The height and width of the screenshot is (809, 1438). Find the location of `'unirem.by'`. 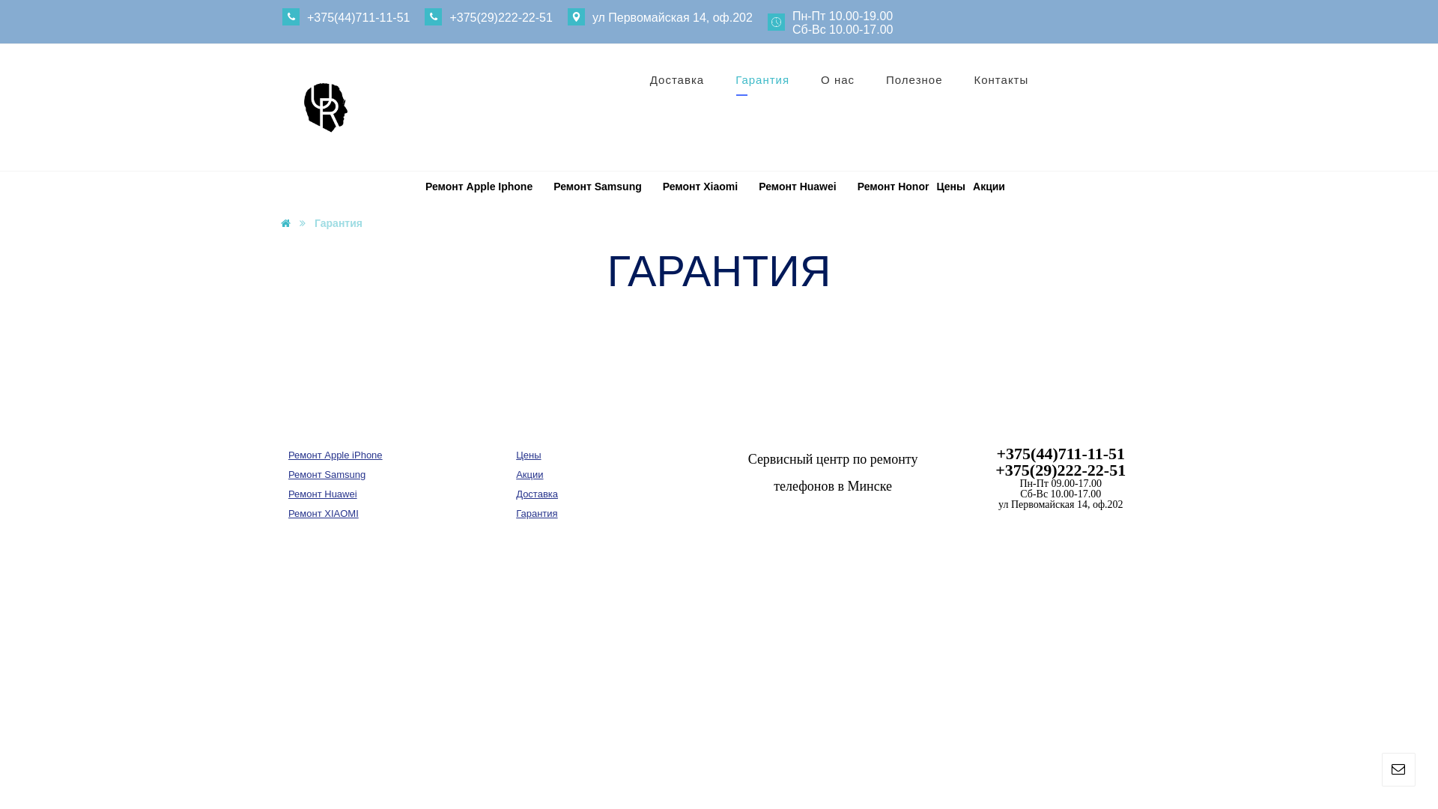

'unirem.by' is located at coordinates (325, 106).